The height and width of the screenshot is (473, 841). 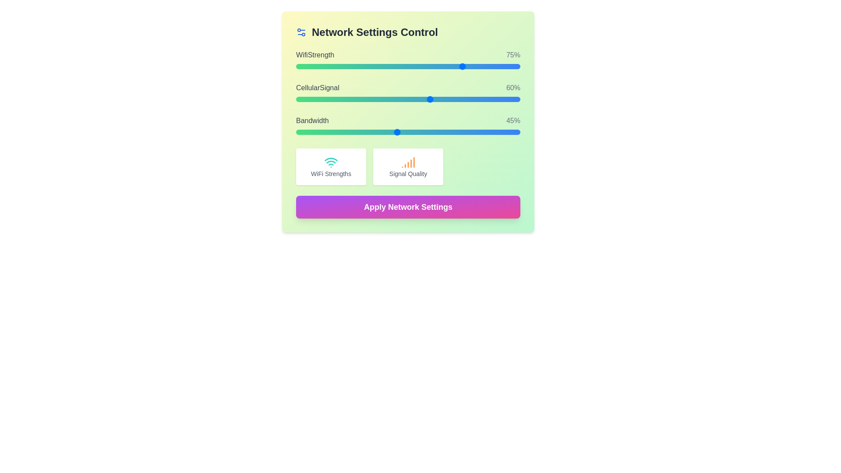 What do you see at coordinates (396, 132) in the screenshot?
I see `the Bandwidth slider` at bounding box center [396, 132].